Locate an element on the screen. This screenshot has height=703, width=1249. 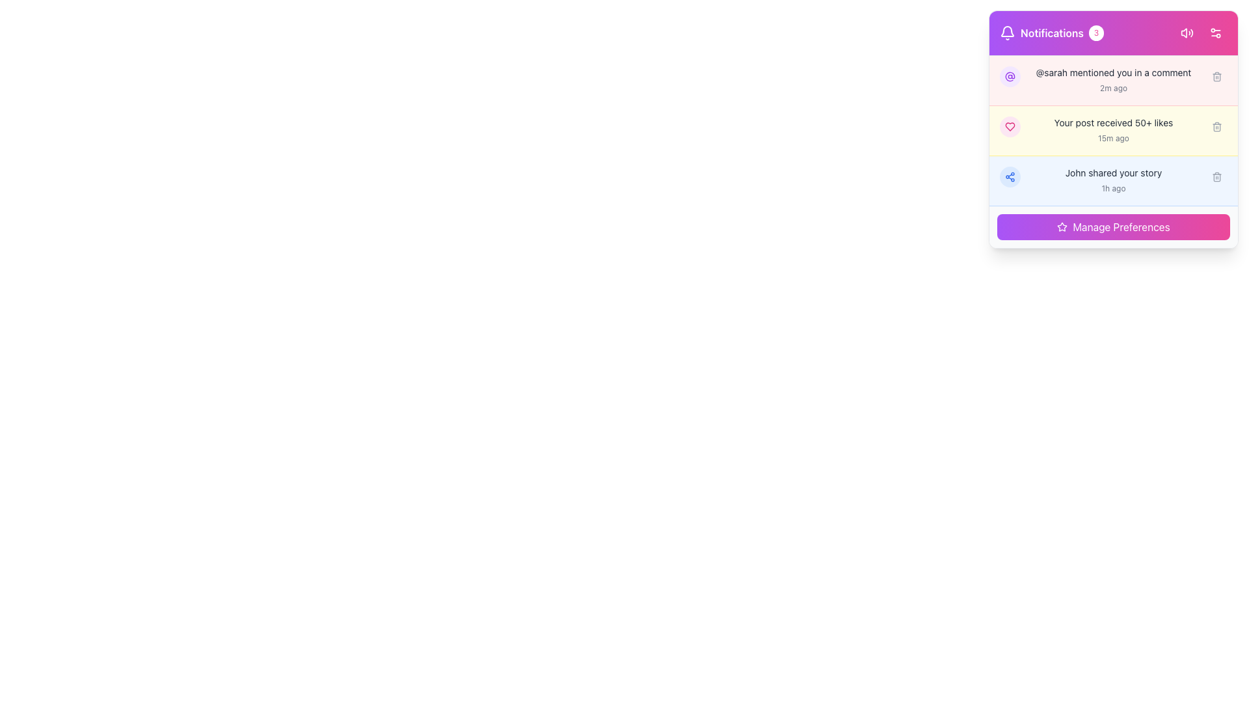
the trashcan icon located in the second notification entry is located at coordinates (1216, 127).